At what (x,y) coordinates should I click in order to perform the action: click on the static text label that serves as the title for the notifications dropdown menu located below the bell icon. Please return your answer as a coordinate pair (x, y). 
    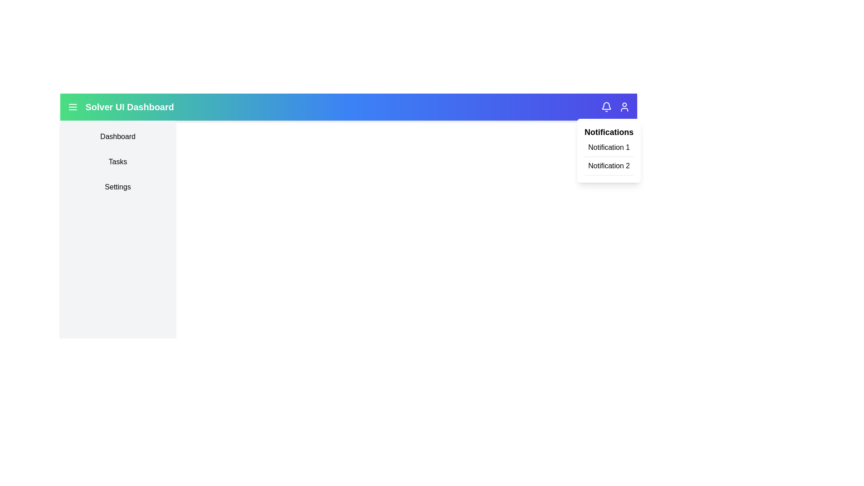
    Looking at the image, I should click on (609, 132).